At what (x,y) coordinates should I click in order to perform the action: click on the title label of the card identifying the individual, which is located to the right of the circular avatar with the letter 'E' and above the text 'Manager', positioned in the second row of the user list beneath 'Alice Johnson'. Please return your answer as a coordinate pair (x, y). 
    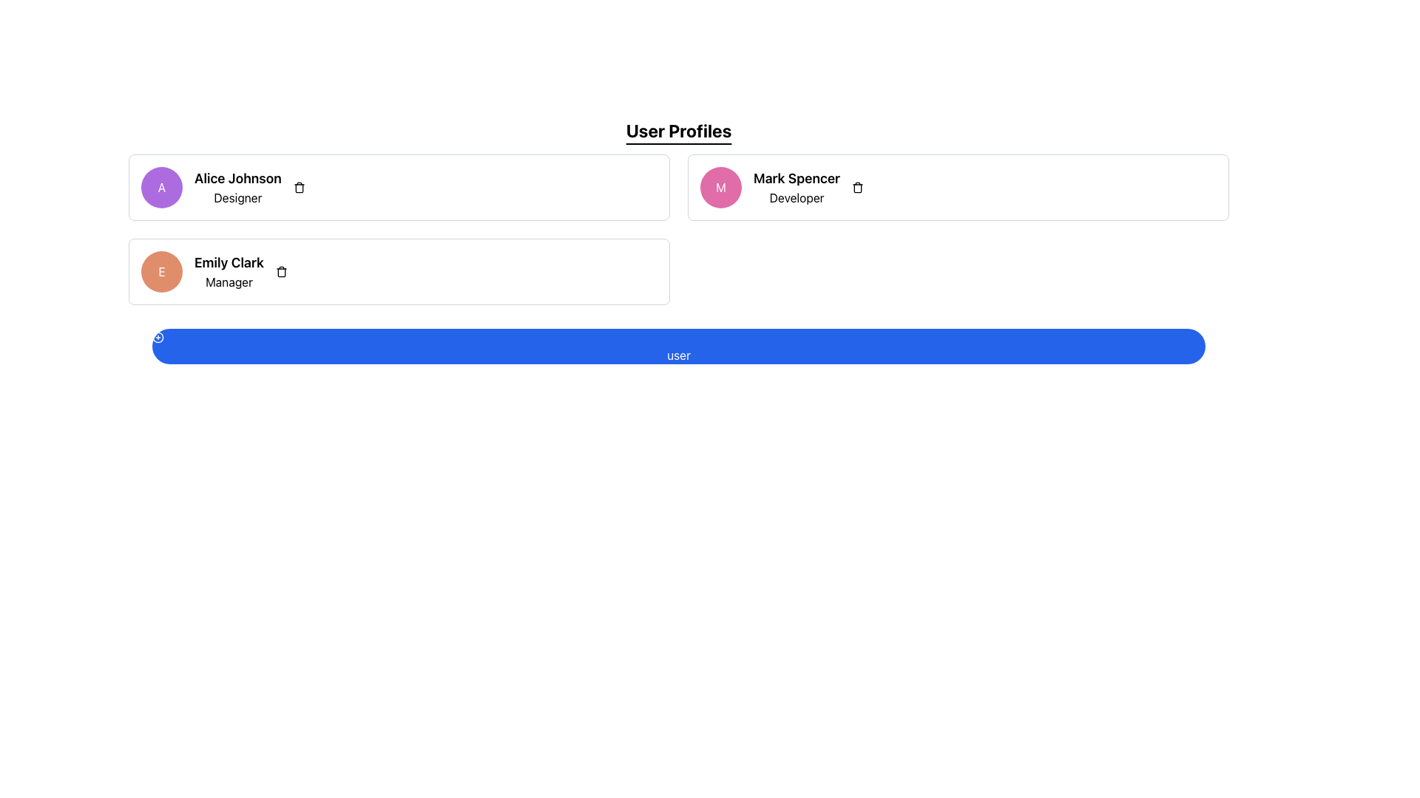
    Looking at the image, I should click on (228, 262).